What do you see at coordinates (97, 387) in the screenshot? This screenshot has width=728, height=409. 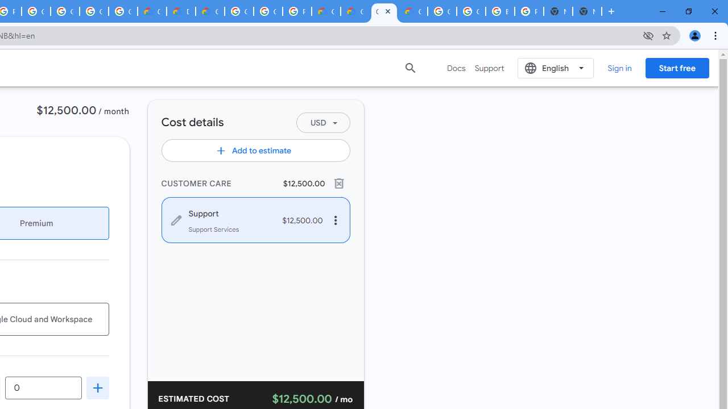 I see `'Increment'` at bounding box center [97, 387].